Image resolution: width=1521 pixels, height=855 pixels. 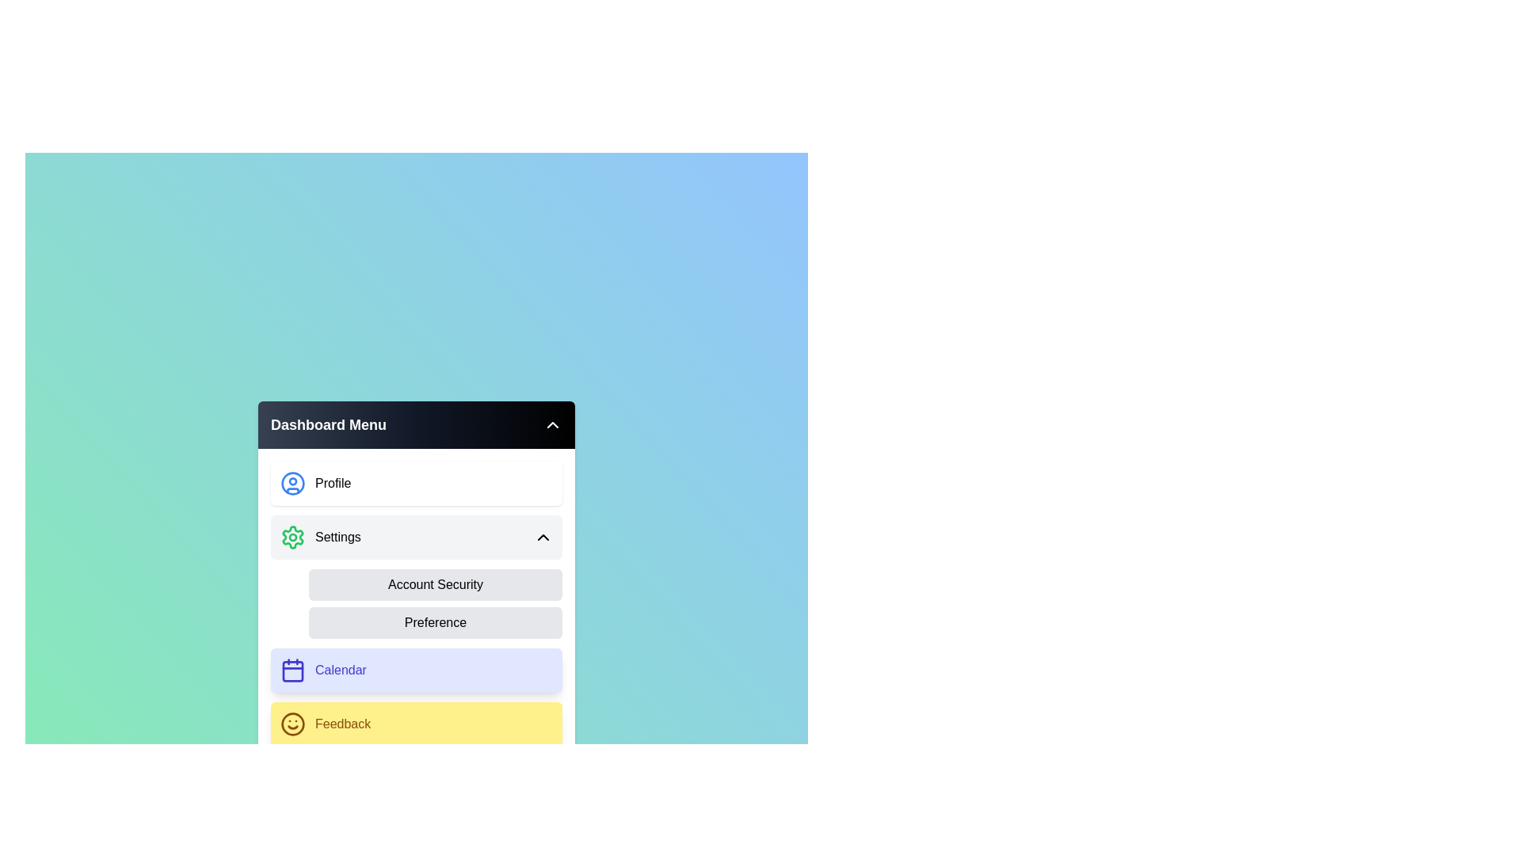 What do you see at coordinates (543, 536) in the screenshot?
I see `the Button/Toggle Icon that indicates the collapsible menu for additional options under 'Settings', located on the far right side next to the 'Settings' label text` at bounding box center [543, 536].